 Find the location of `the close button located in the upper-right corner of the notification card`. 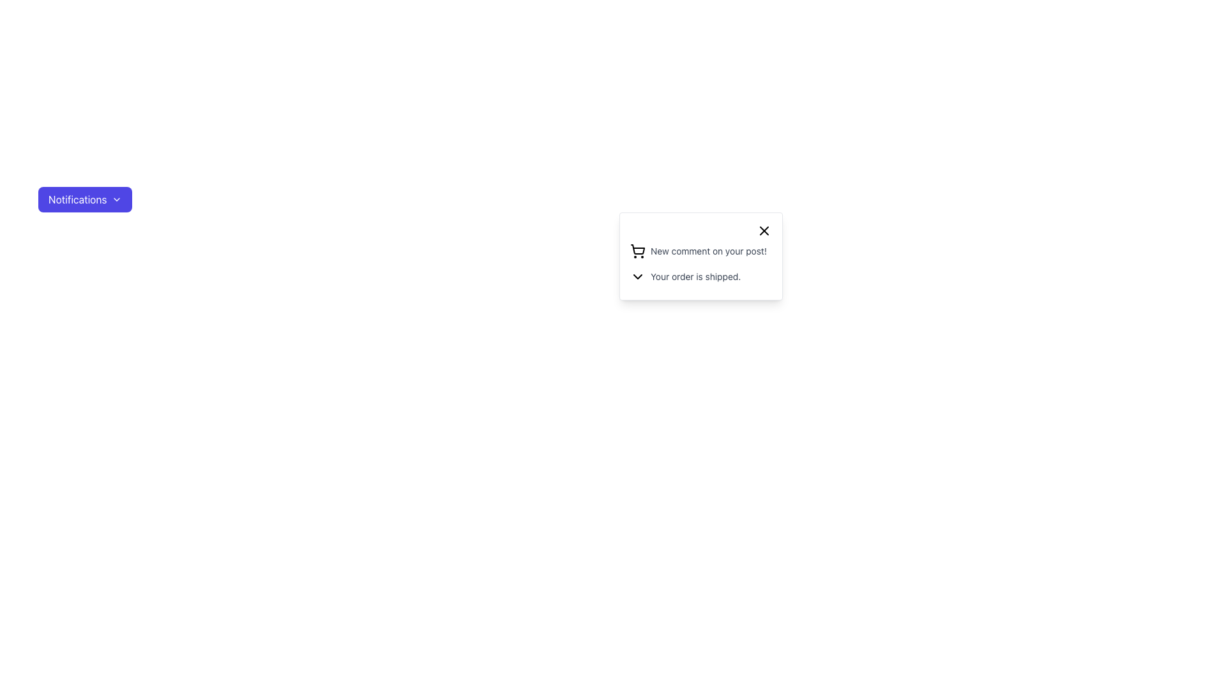

the close button located in the upper-right corner of the notification card is located at coordinates (764, 231).